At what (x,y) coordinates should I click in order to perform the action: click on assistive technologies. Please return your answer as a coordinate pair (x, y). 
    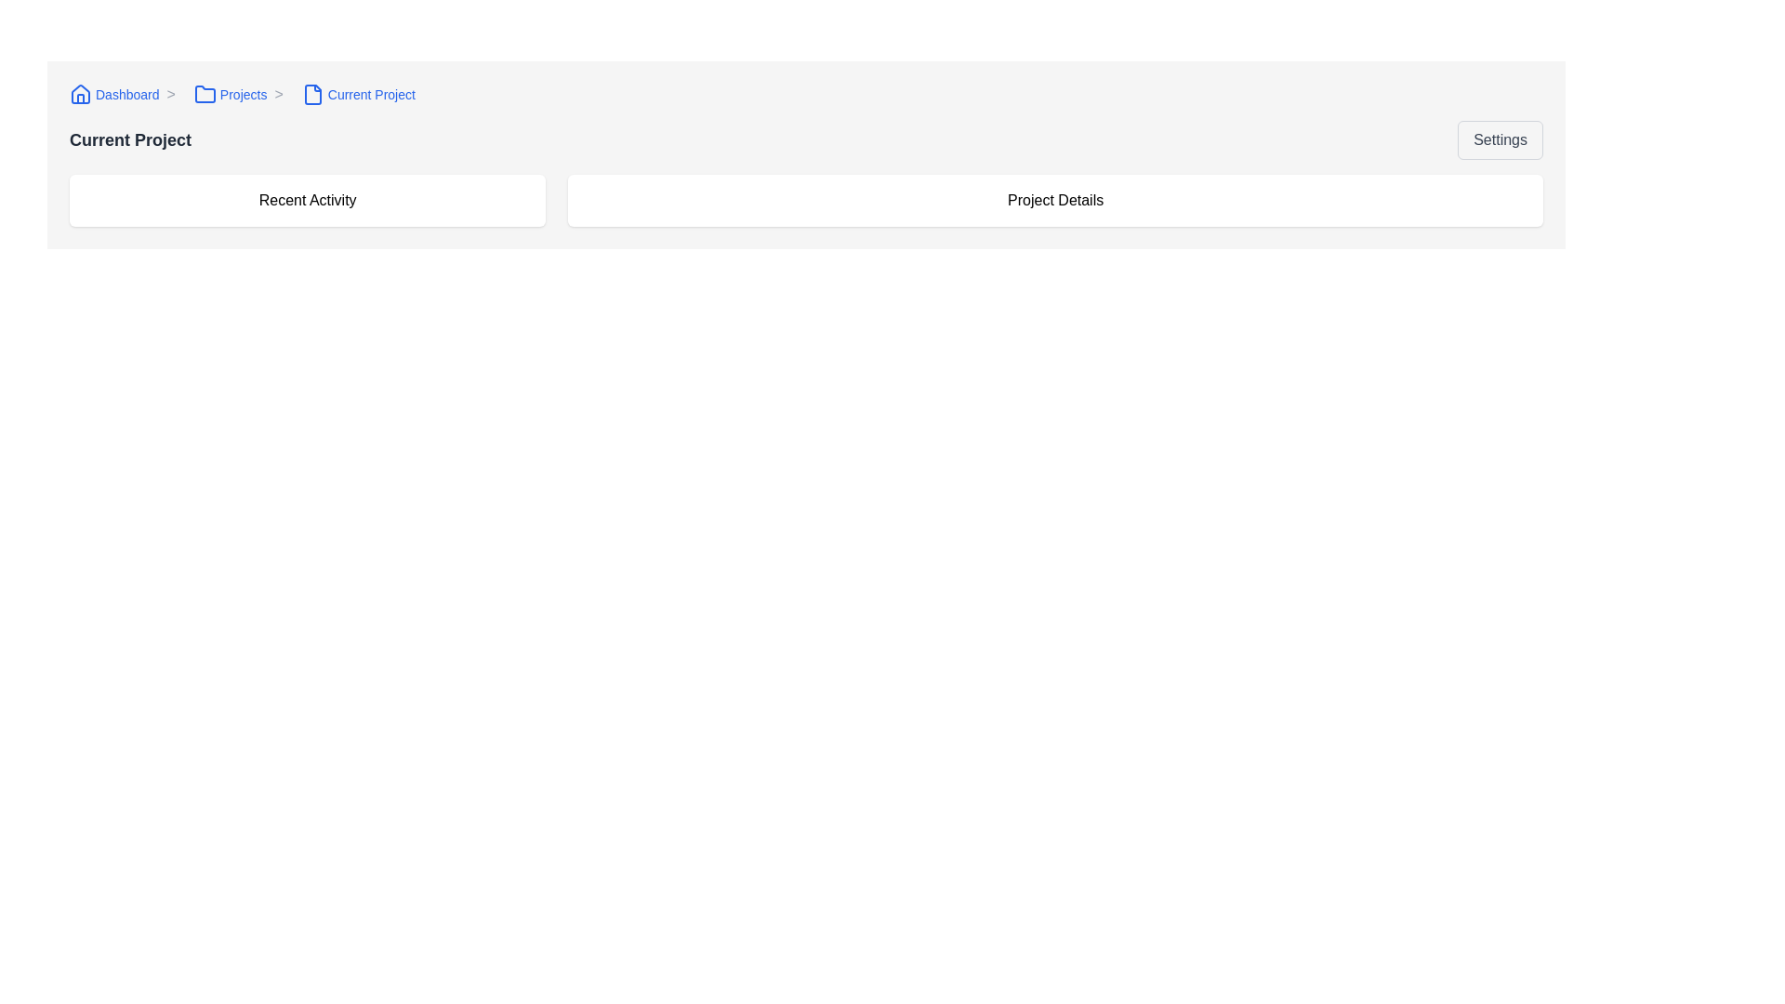
    Looking at the image, I should click on (205, 94).